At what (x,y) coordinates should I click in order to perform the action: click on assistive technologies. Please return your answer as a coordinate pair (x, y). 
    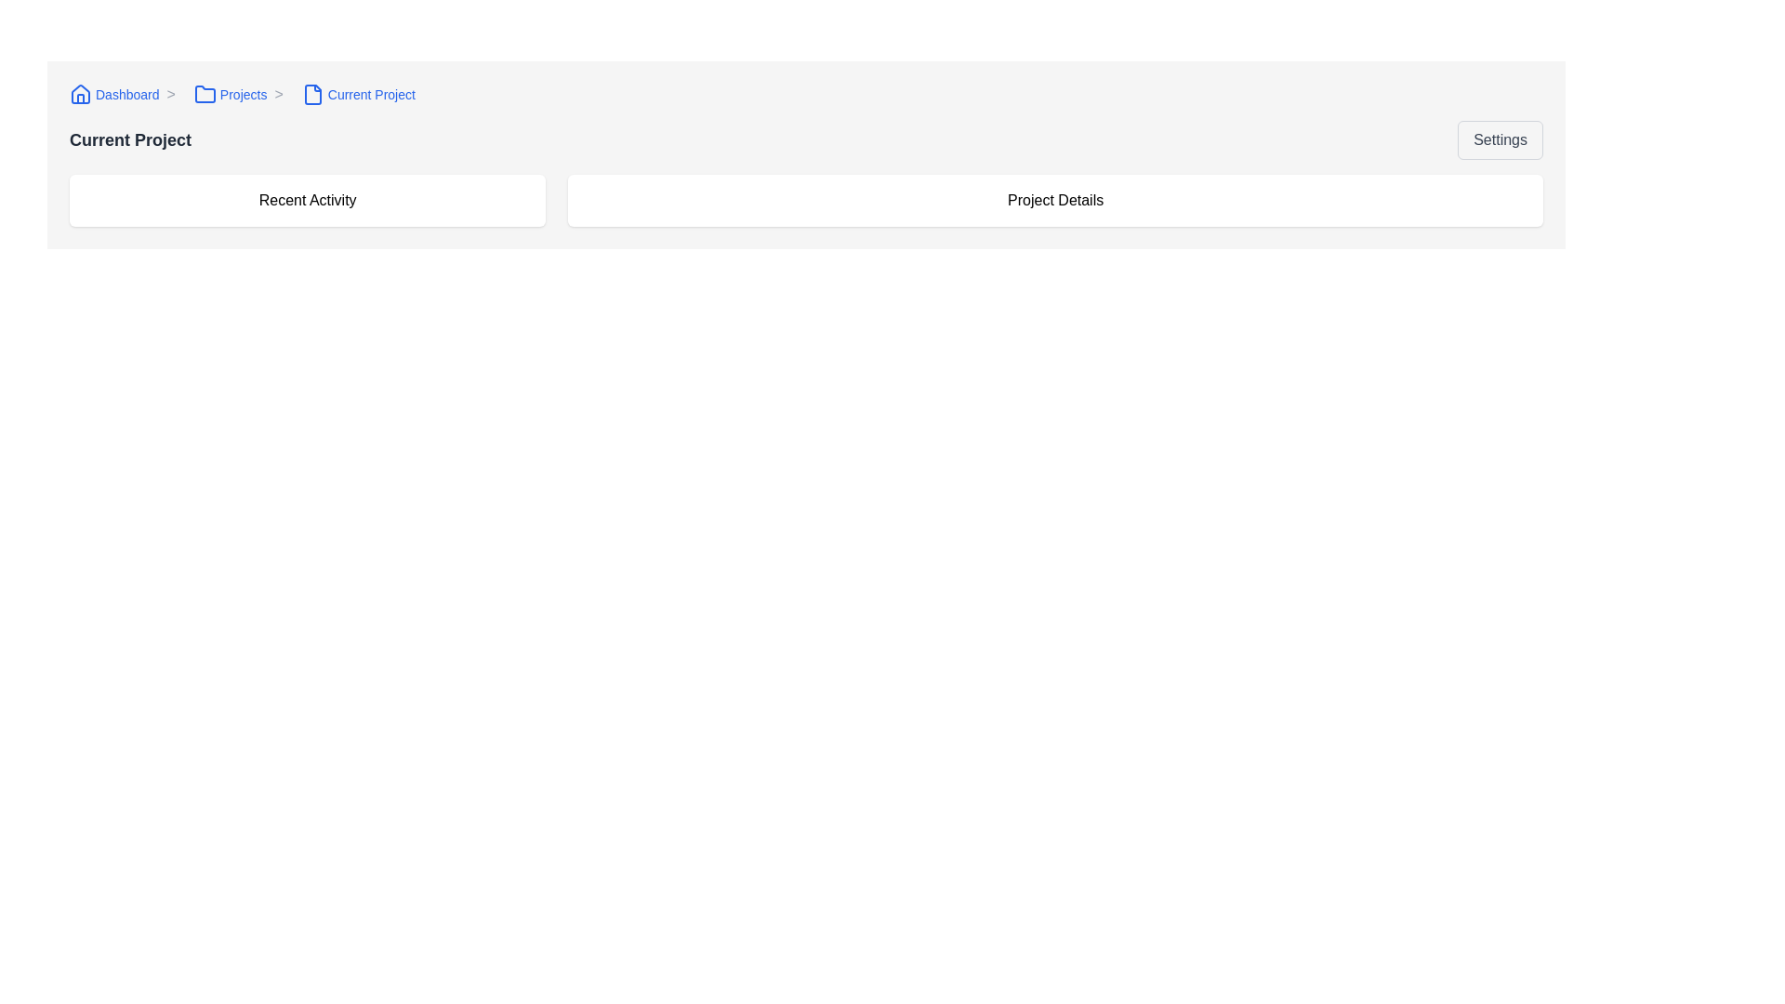
    Looking at the image, I should click on (205, 94).